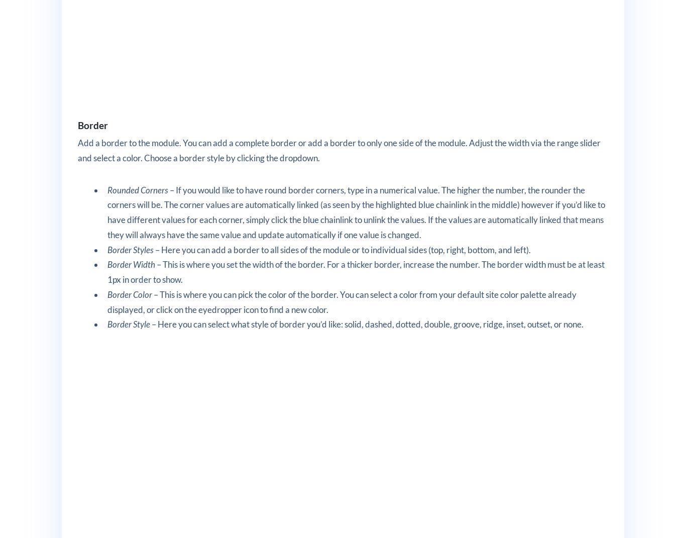 This screenshot has height=538, width=686. I want to click on 'Border Style', so click(107, 324).